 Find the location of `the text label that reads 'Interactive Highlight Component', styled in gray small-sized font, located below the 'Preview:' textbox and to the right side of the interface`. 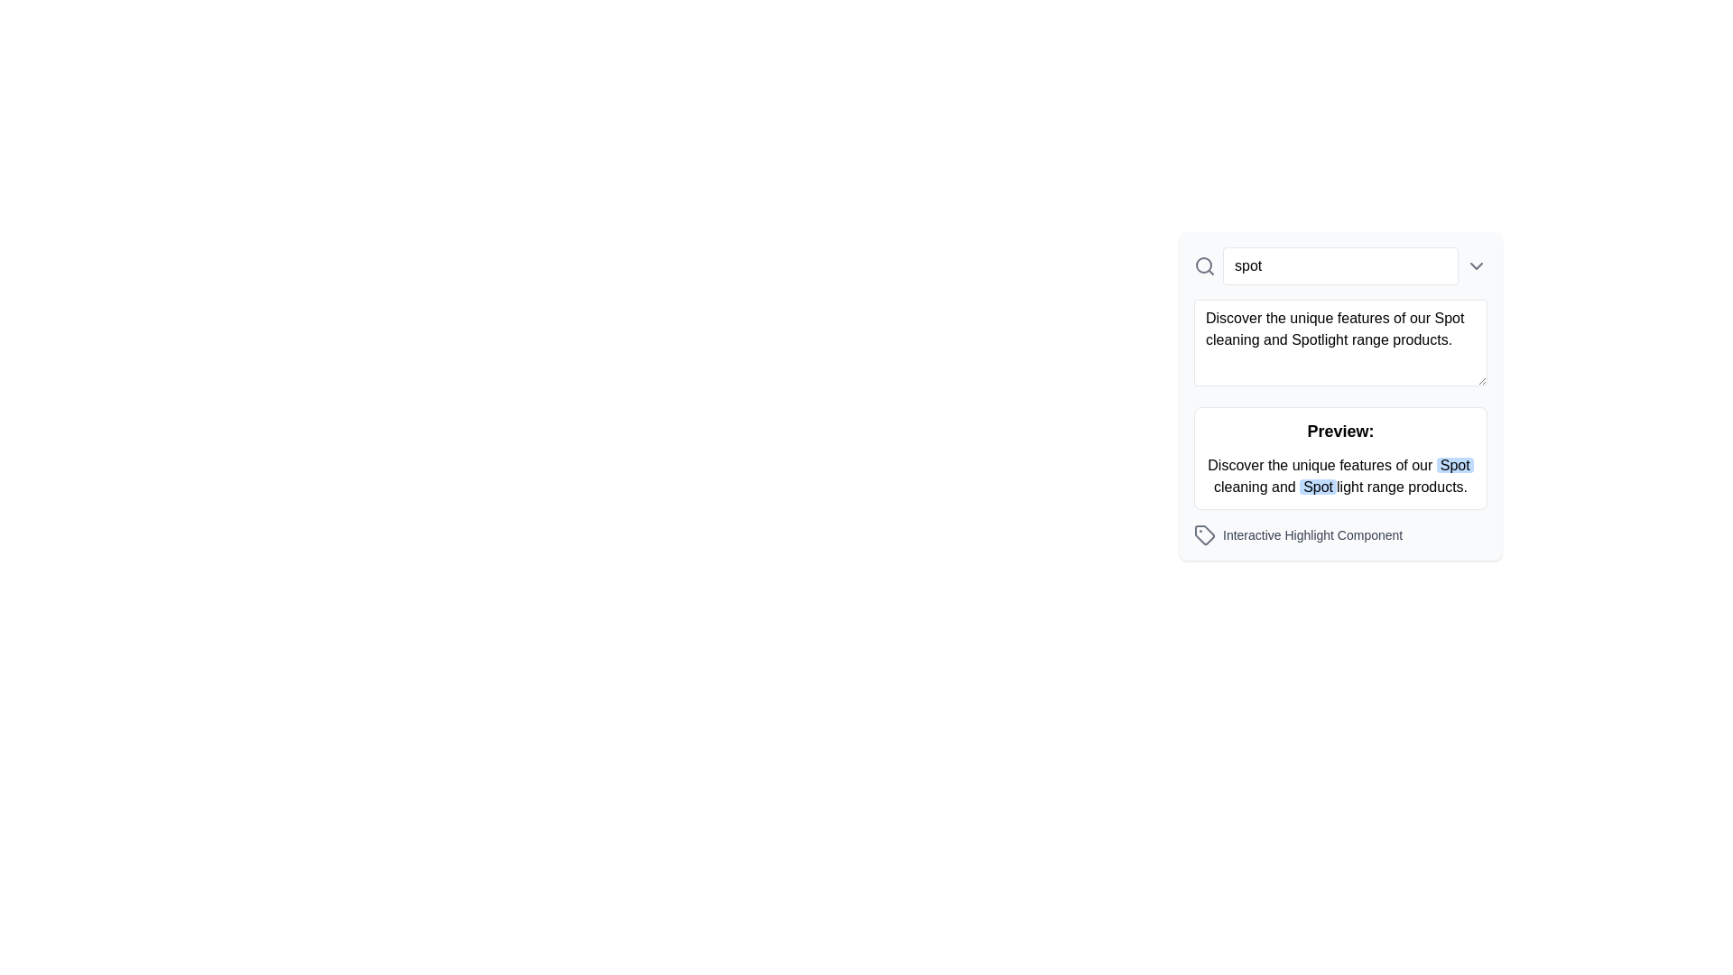

the text label that reads 'Interactive Highlight Component', styled in gray small-sized font, located below the 'Preview:' textbox and to the right side of the interface is located at coordinates (1312, 534).